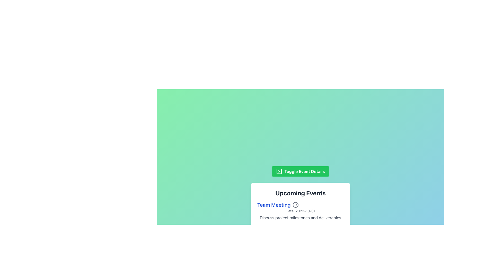 The height and width of the screenshot is (278, 494). Describe the element at coordinates (296, 204) in the screenshot. I see `the icon located immediately to the right of the bold blue text 'Team Meeting'` at that location.